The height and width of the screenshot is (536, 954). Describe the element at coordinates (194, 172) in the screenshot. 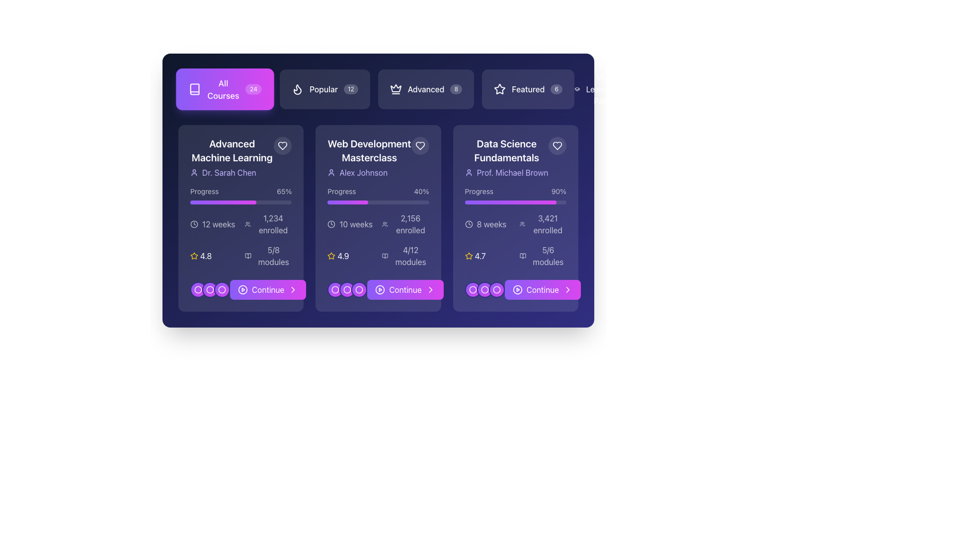

I see `the SVG icon representing a user symbol, which is located to the left of the text label 'Dr. Sarah Chen'` at that location.